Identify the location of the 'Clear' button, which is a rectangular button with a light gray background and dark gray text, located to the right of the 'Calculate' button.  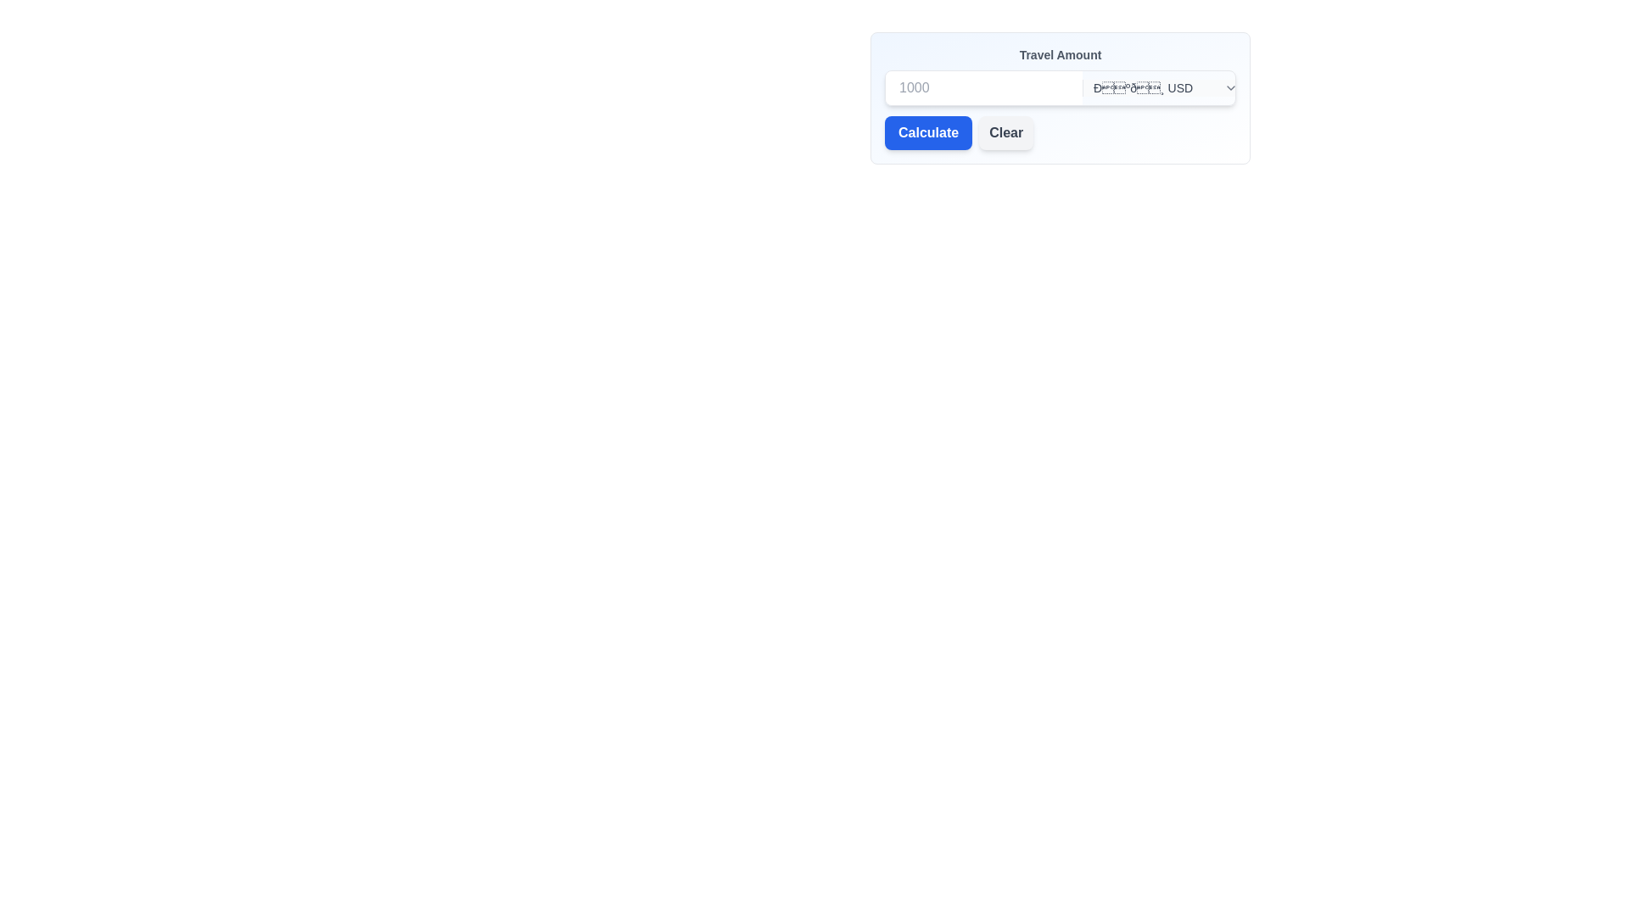
(1006, 132).